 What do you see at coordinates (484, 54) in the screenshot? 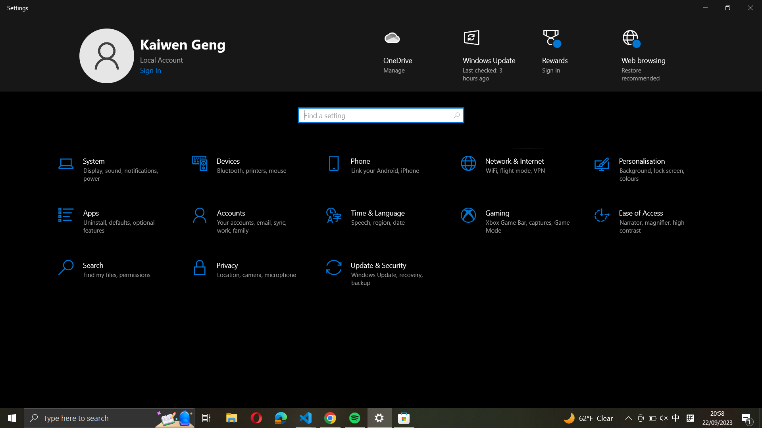
I see `Check for windows updates using the bottom right button on the page` at bounding box center [484, 54].